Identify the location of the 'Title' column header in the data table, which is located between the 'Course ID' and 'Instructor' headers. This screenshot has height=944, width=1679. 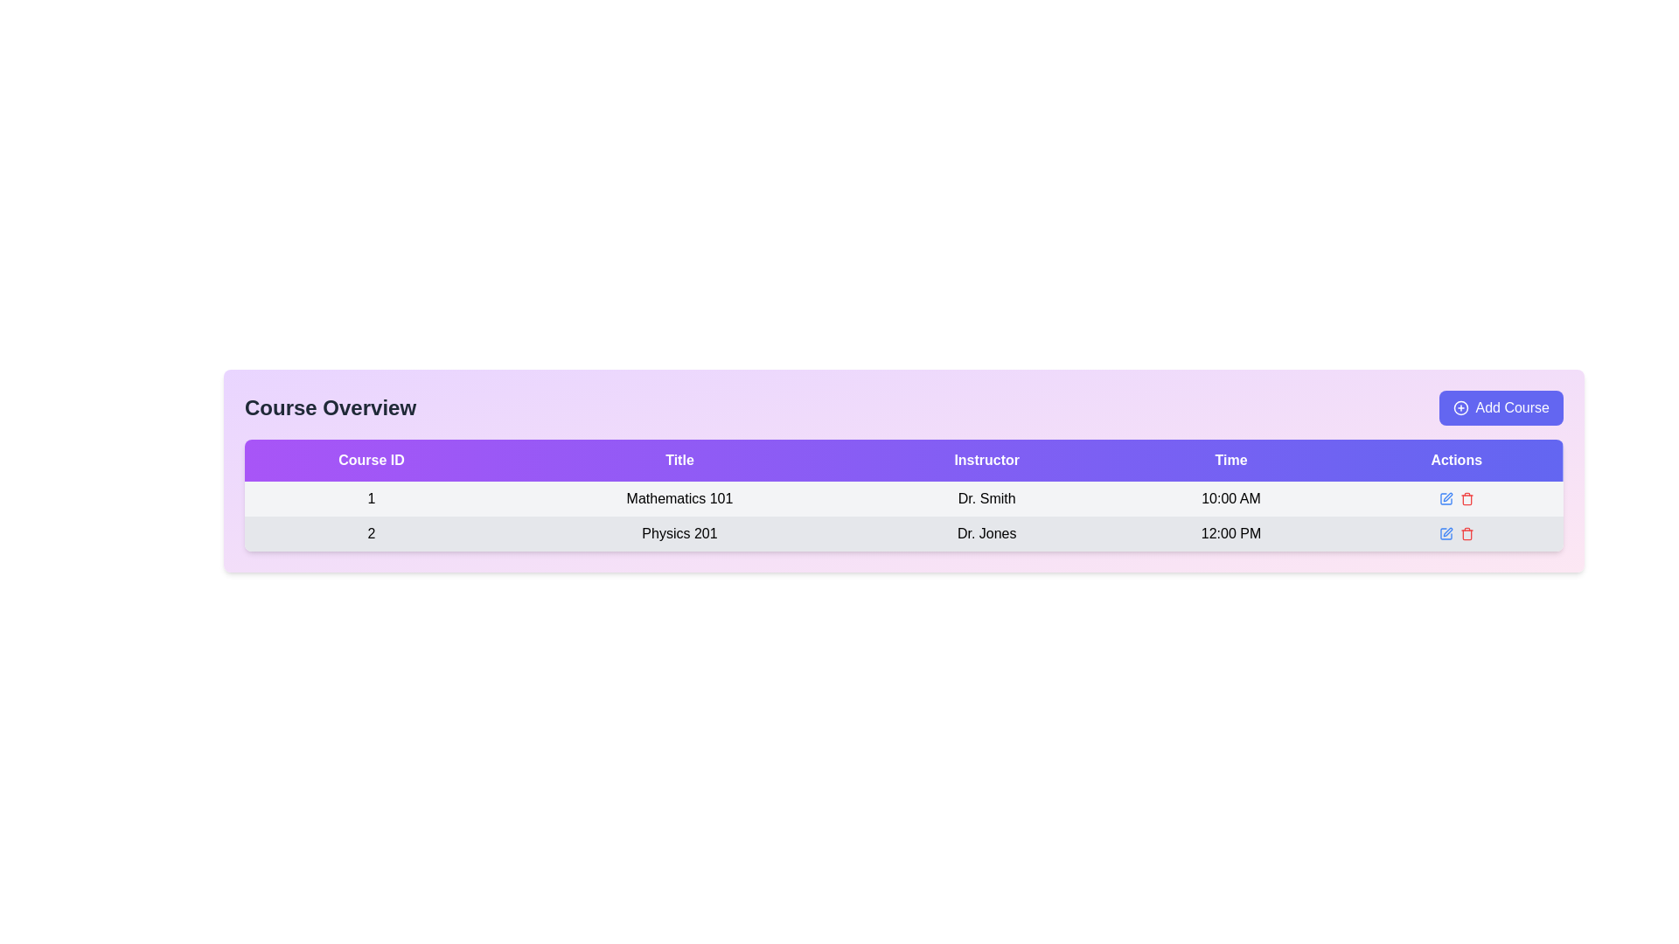
(679, 460).